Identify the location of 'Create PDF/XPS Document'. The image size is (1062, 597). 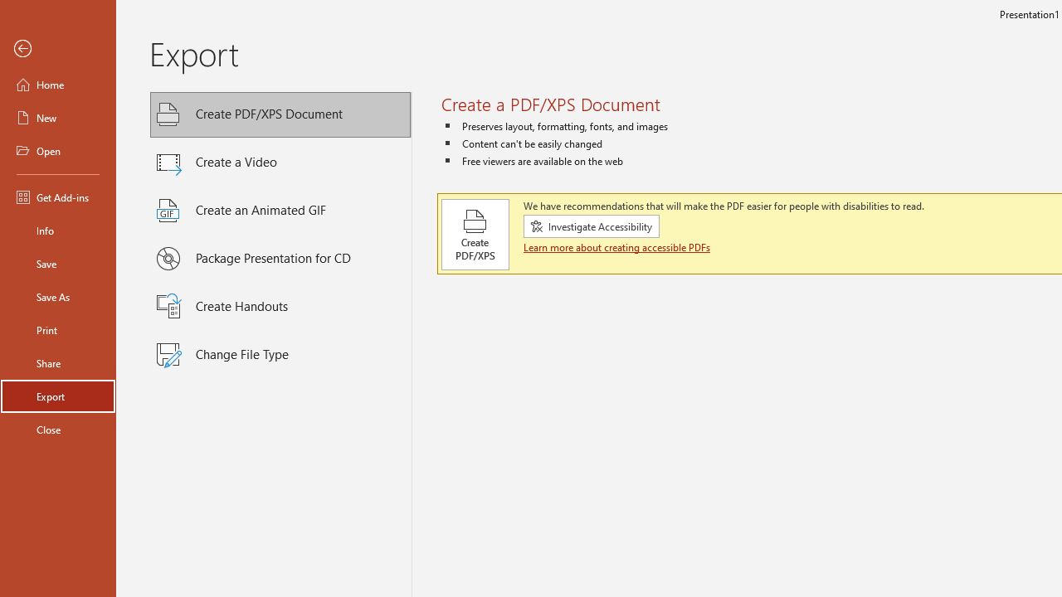
(280, 114).